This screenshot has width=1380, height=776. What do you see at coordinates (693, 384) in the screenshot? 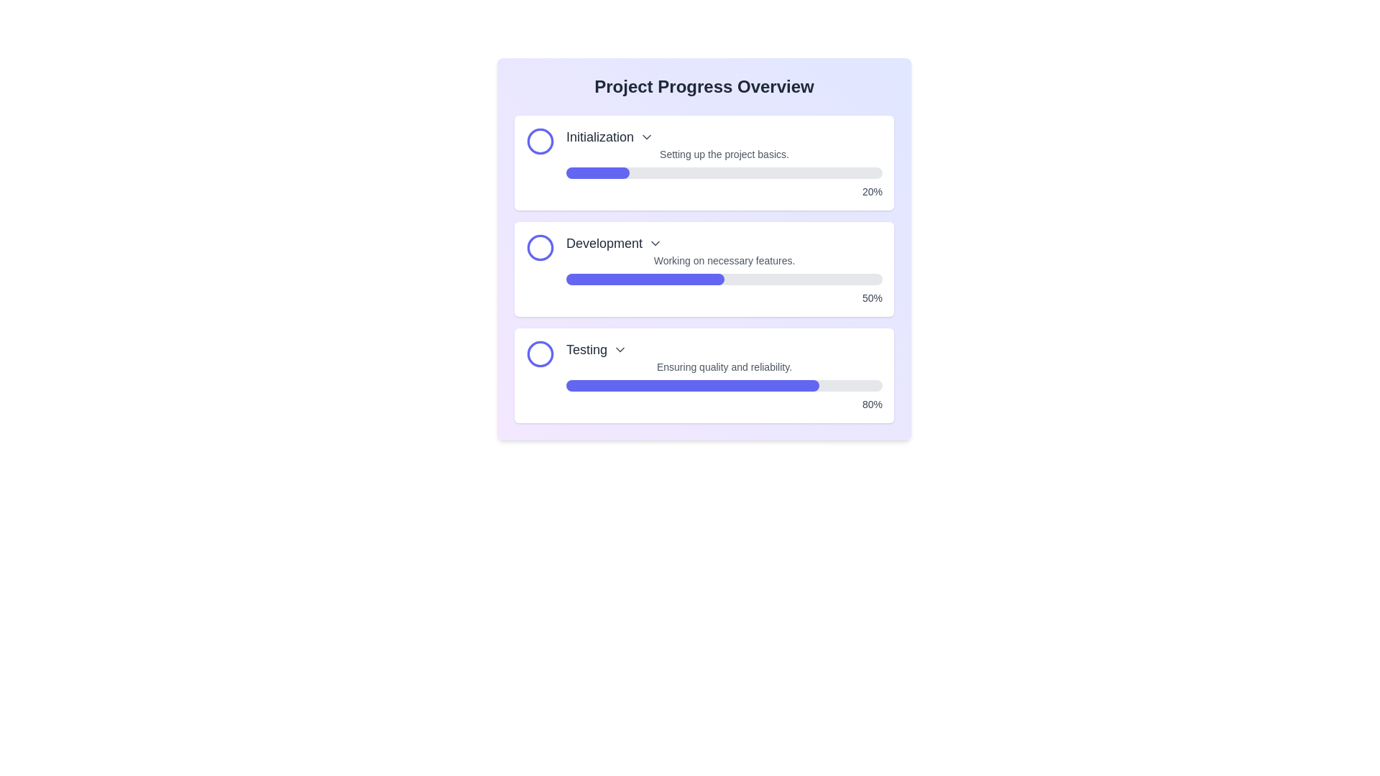
I see `the filled portion of the progress bar indicating 80% completion of the 'Testing' task` at bounding box center [693, 384].